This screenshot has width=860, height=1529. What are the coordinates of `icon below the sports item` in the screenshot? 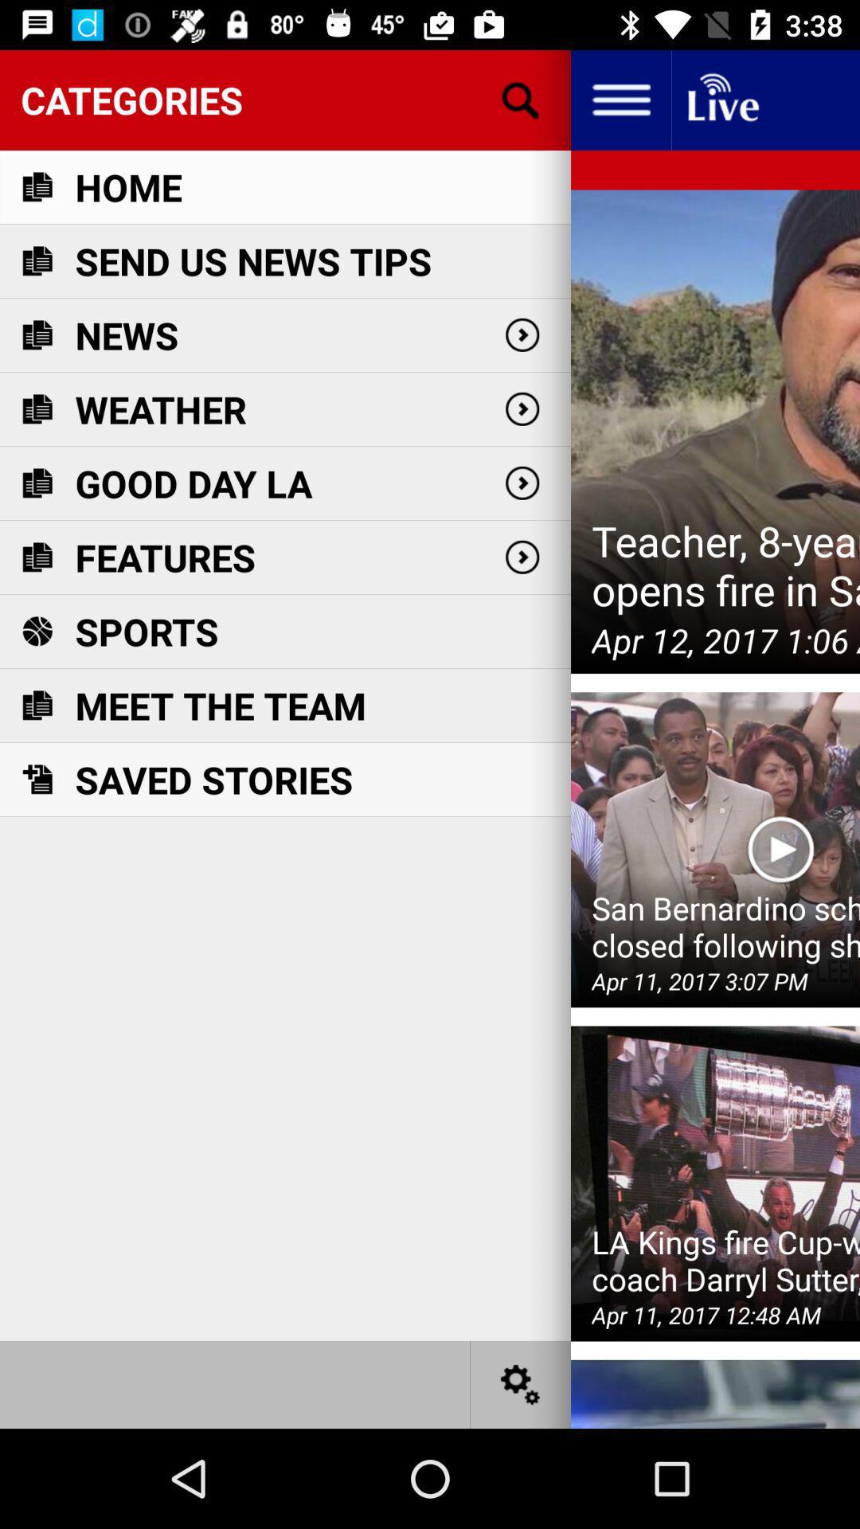 It's located at (221, 705).